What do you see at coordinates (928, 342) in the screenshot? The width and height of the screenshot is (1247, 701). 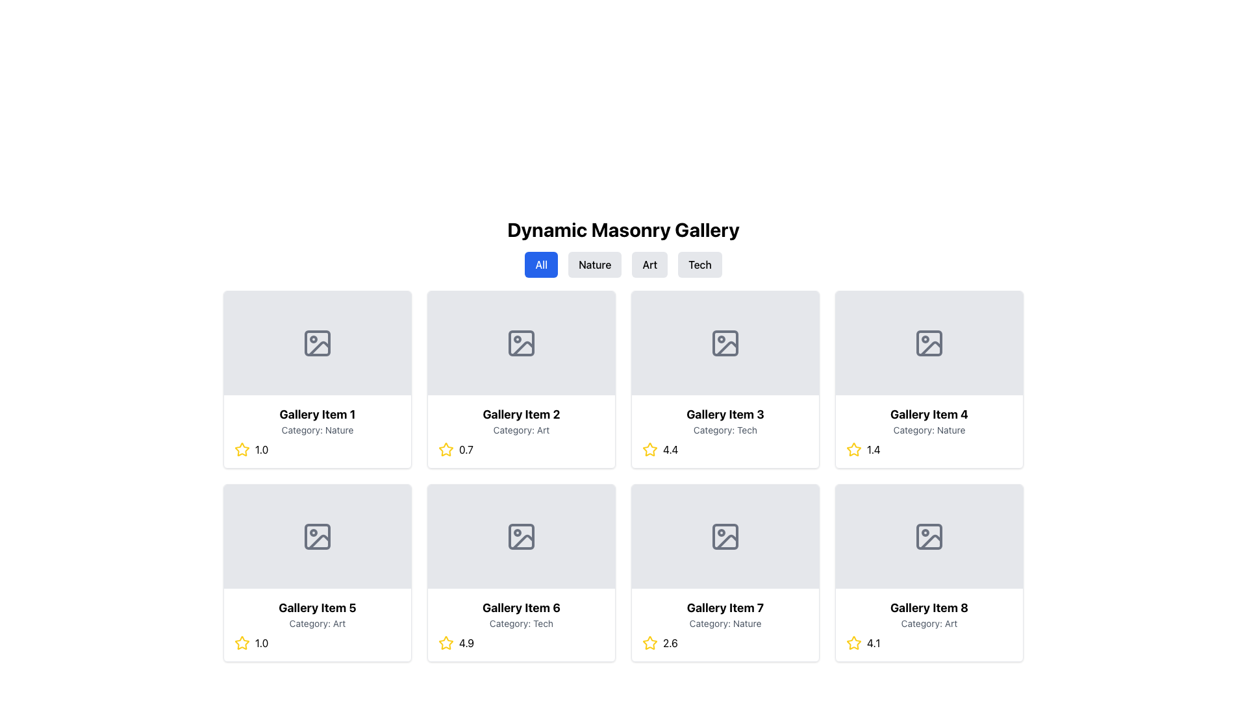 I see `the graphic icon representing an image located in the fourth gallery card titled 'Gallery Item 4' under the 'Nature' category` at bounding box center [928, 342].